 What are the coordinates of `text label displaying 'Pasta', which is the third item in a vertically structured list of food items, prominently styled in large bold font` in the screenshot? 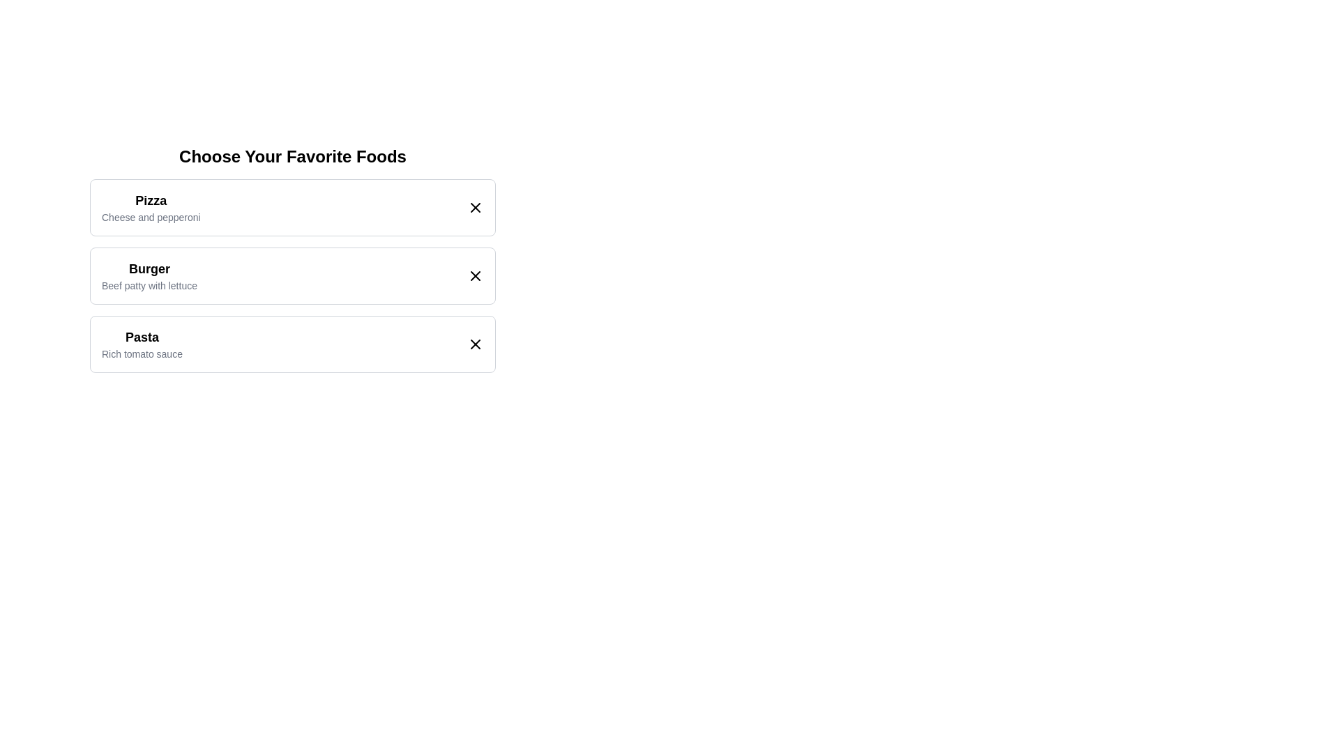 It's located at (142, 337).